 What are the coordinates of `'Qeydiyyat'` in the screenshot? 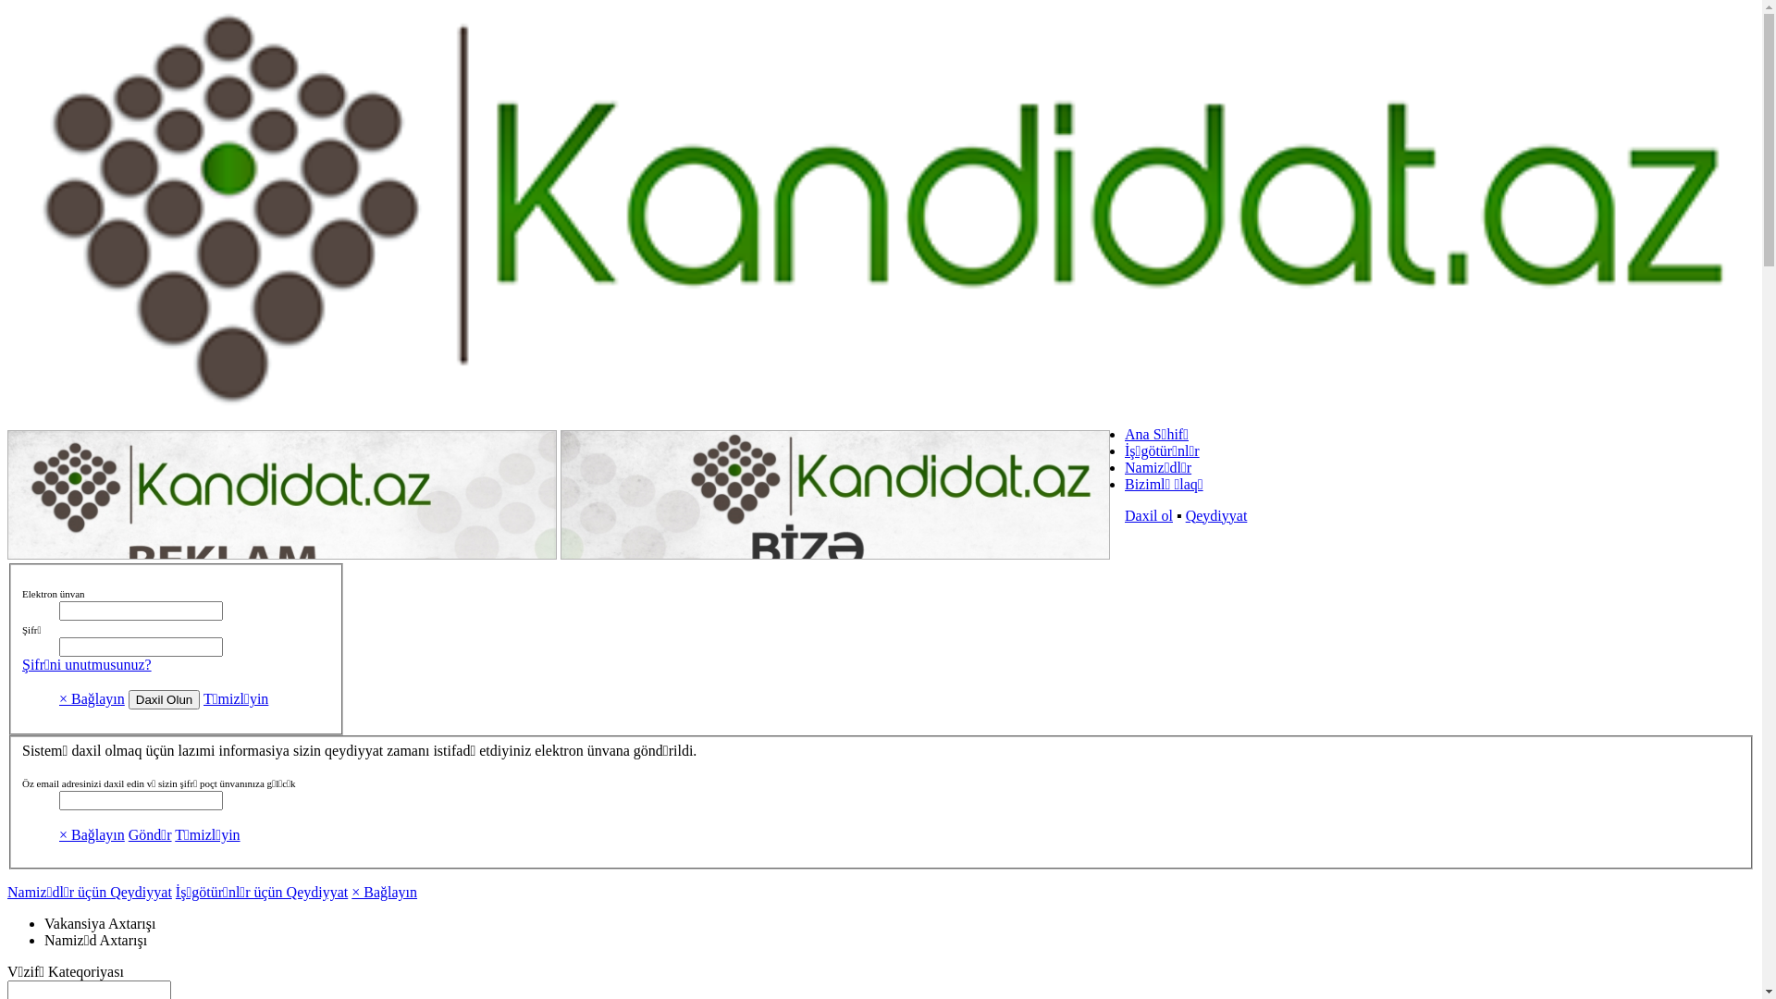 It's located at (1216, 515).